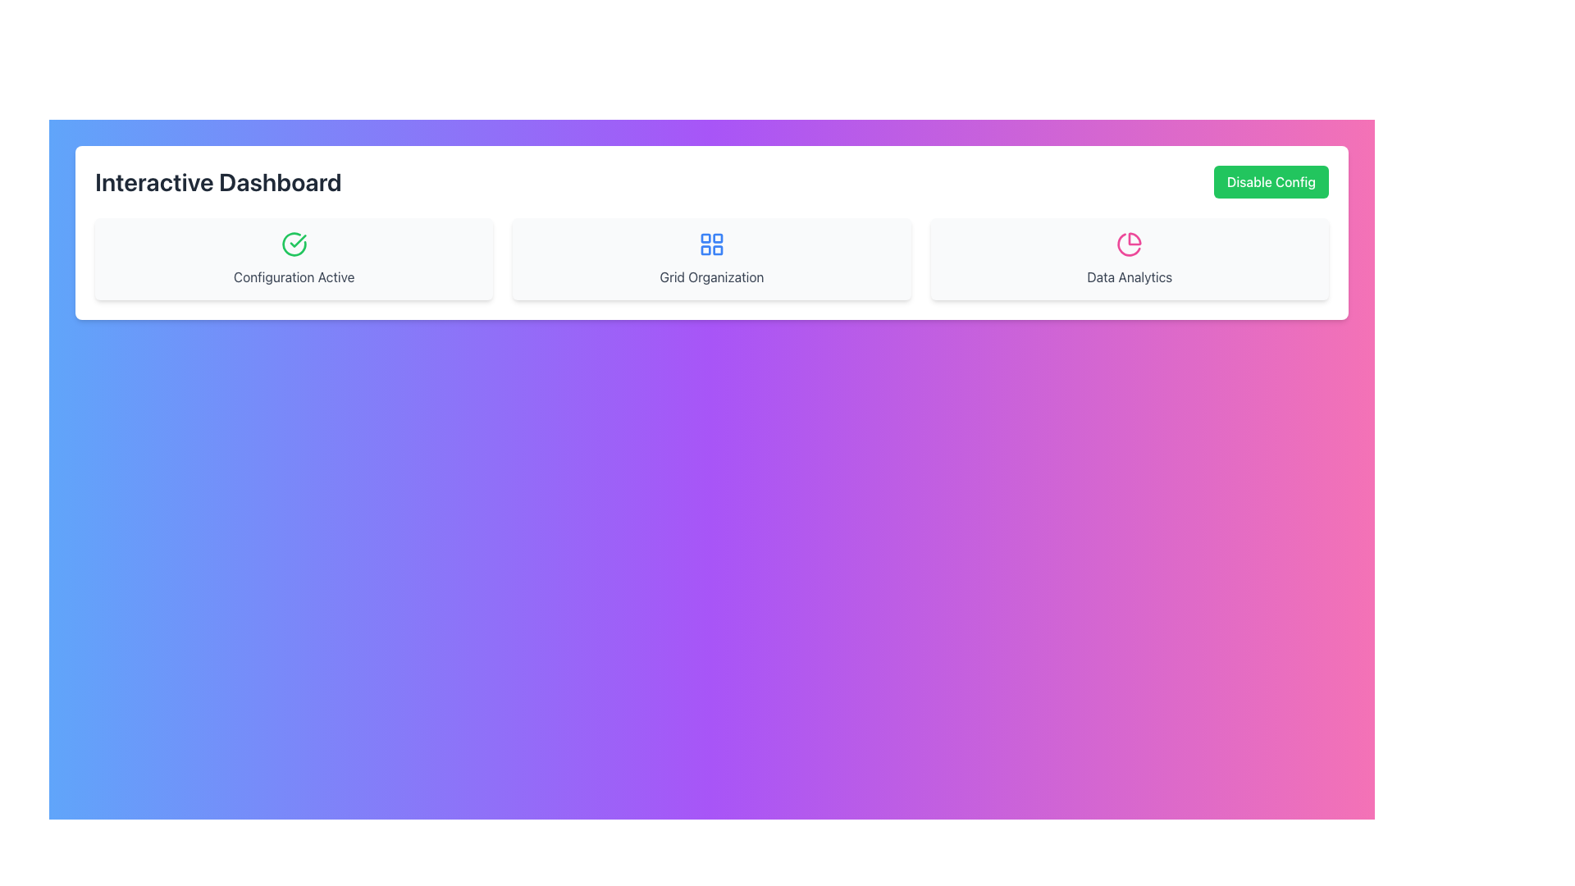 The height and width of the screenshot is (886, 1575). I want to click on the visual representation of the square located in the bottom-left cell of the 2x2 grid within the 'Grid Organization' card, so click(705, 250).